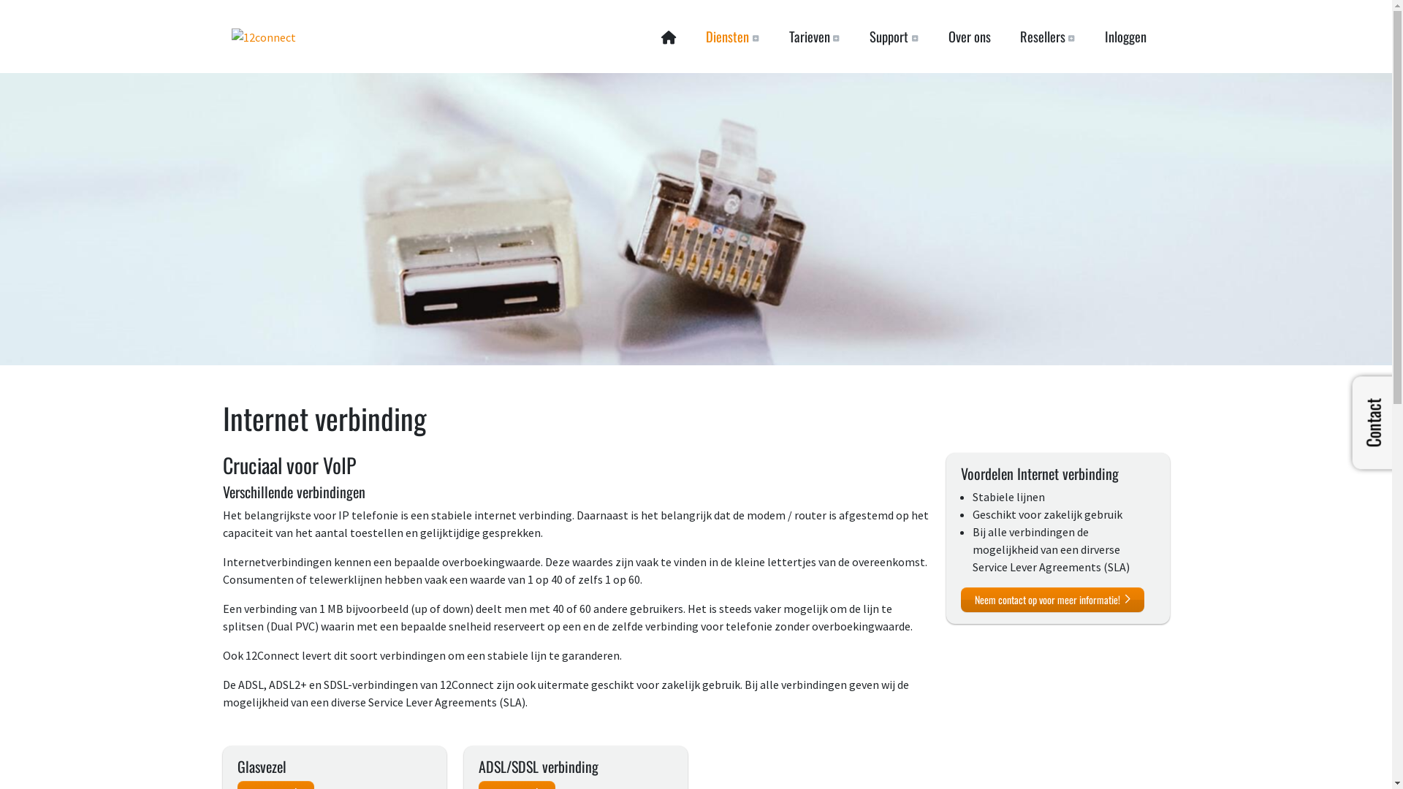  What do you see at coordinates (263, 36) in the screenshot?
I see `'Naar de website'` at bounding box center [263, 36].